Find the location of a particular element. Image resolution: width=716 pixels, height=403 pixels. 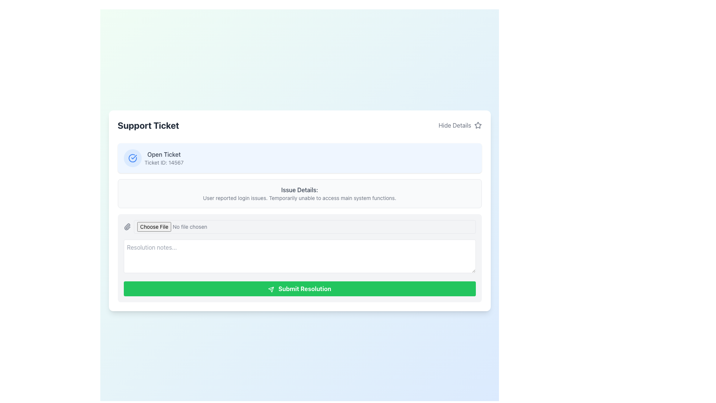

the 'Open Ticket' text block, which includes the text 'Ticket ID: 14567' and is styled within a light blue rounded rectangle, located in the top section of the 'Support Ticket' interface is located at coordinates (164, 158).